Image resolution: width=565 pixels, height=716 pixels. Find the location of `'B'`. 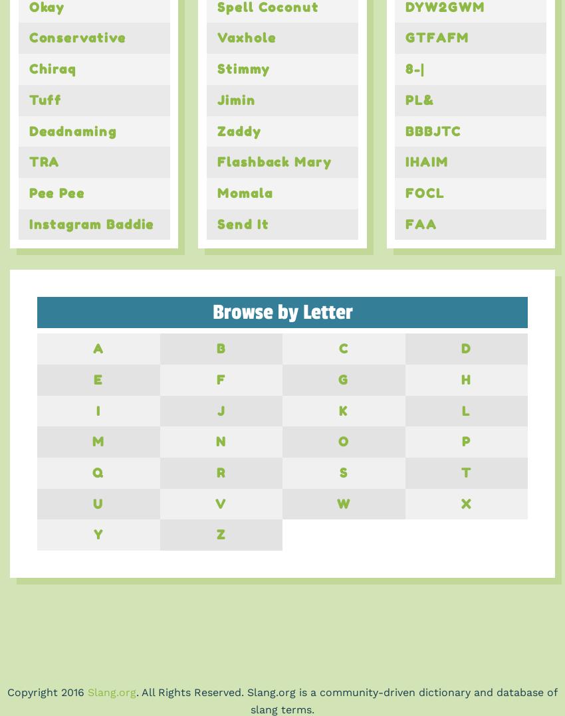

'B' is located at coordinates (221, 348).